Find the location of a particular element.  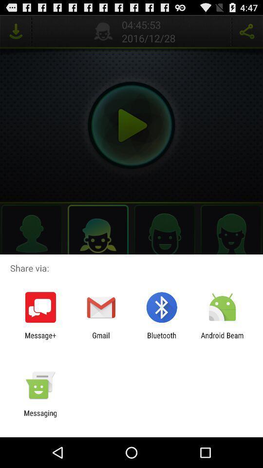

icon to the right of bluetooth is located at coordinates (222, 339).